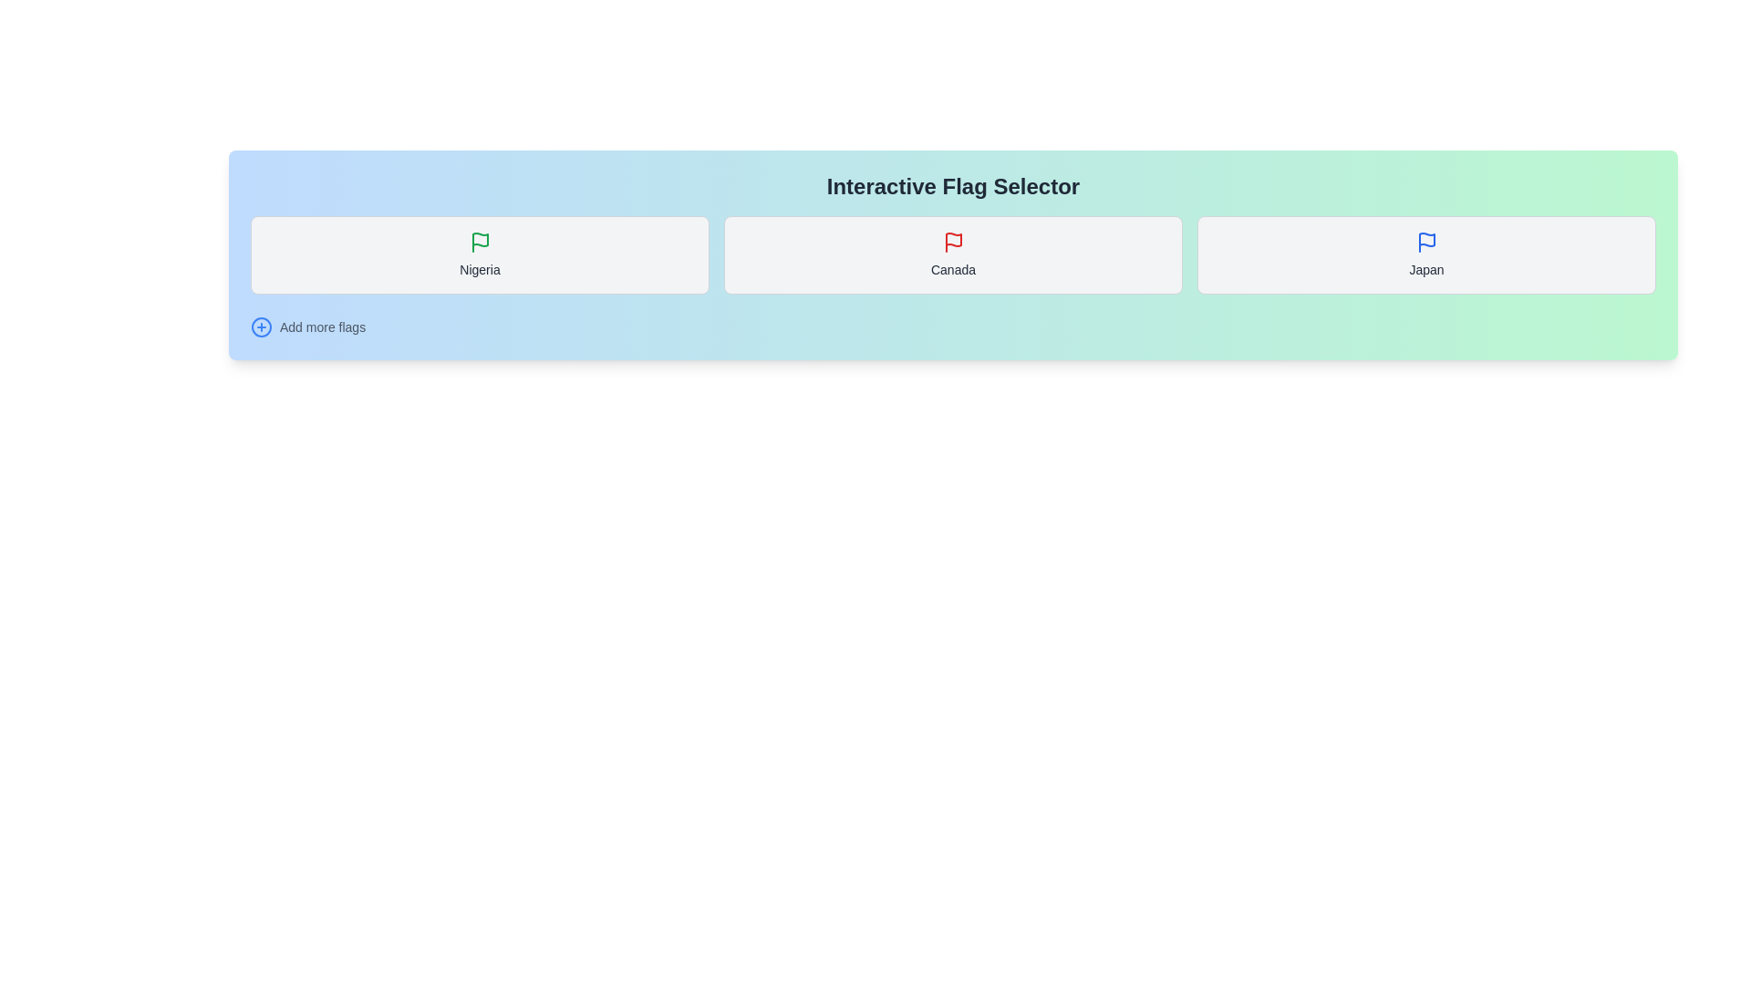 This screenshot has height=985, width=1751. What do you see at coordinates (480, 255) in the screenshot?
I see `the flag corresponding to Nigeria` at bounding box center [480, 255].